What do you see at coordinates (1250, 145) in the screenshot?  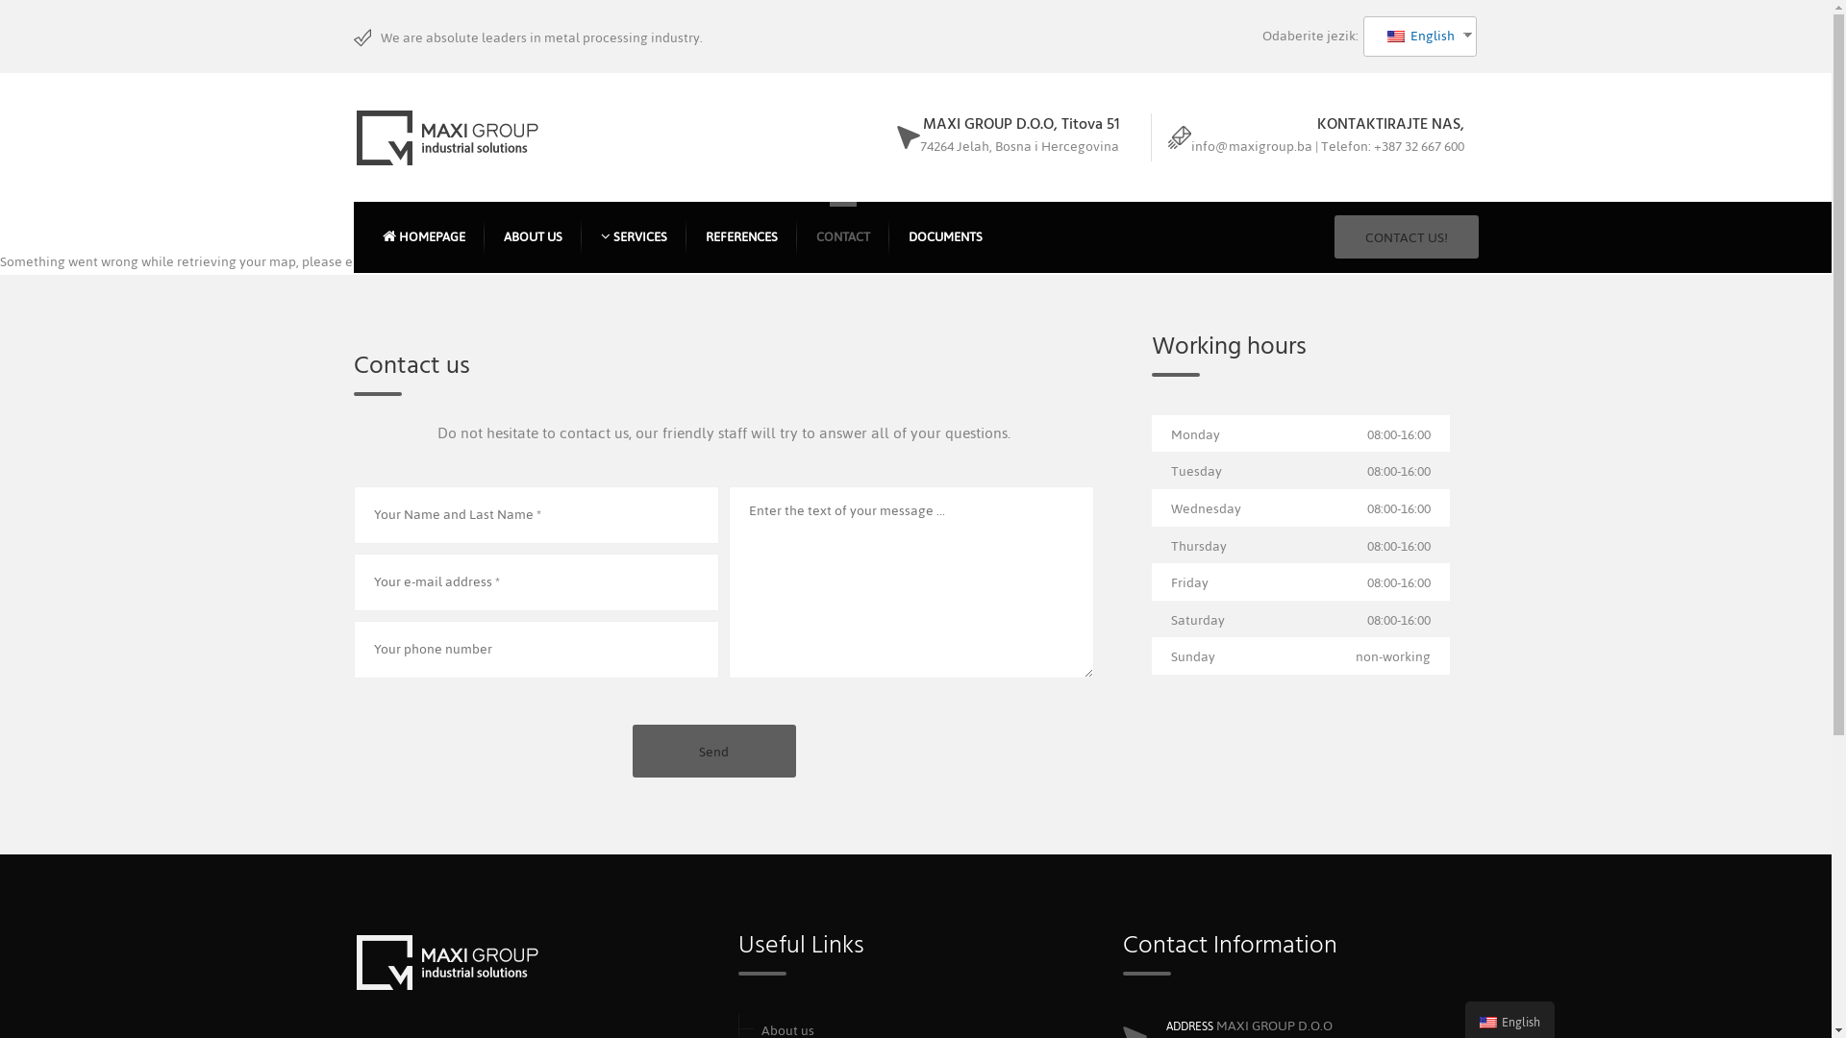 I see `'info@maxigroup.ba'` at bounding box center [1250, 145].